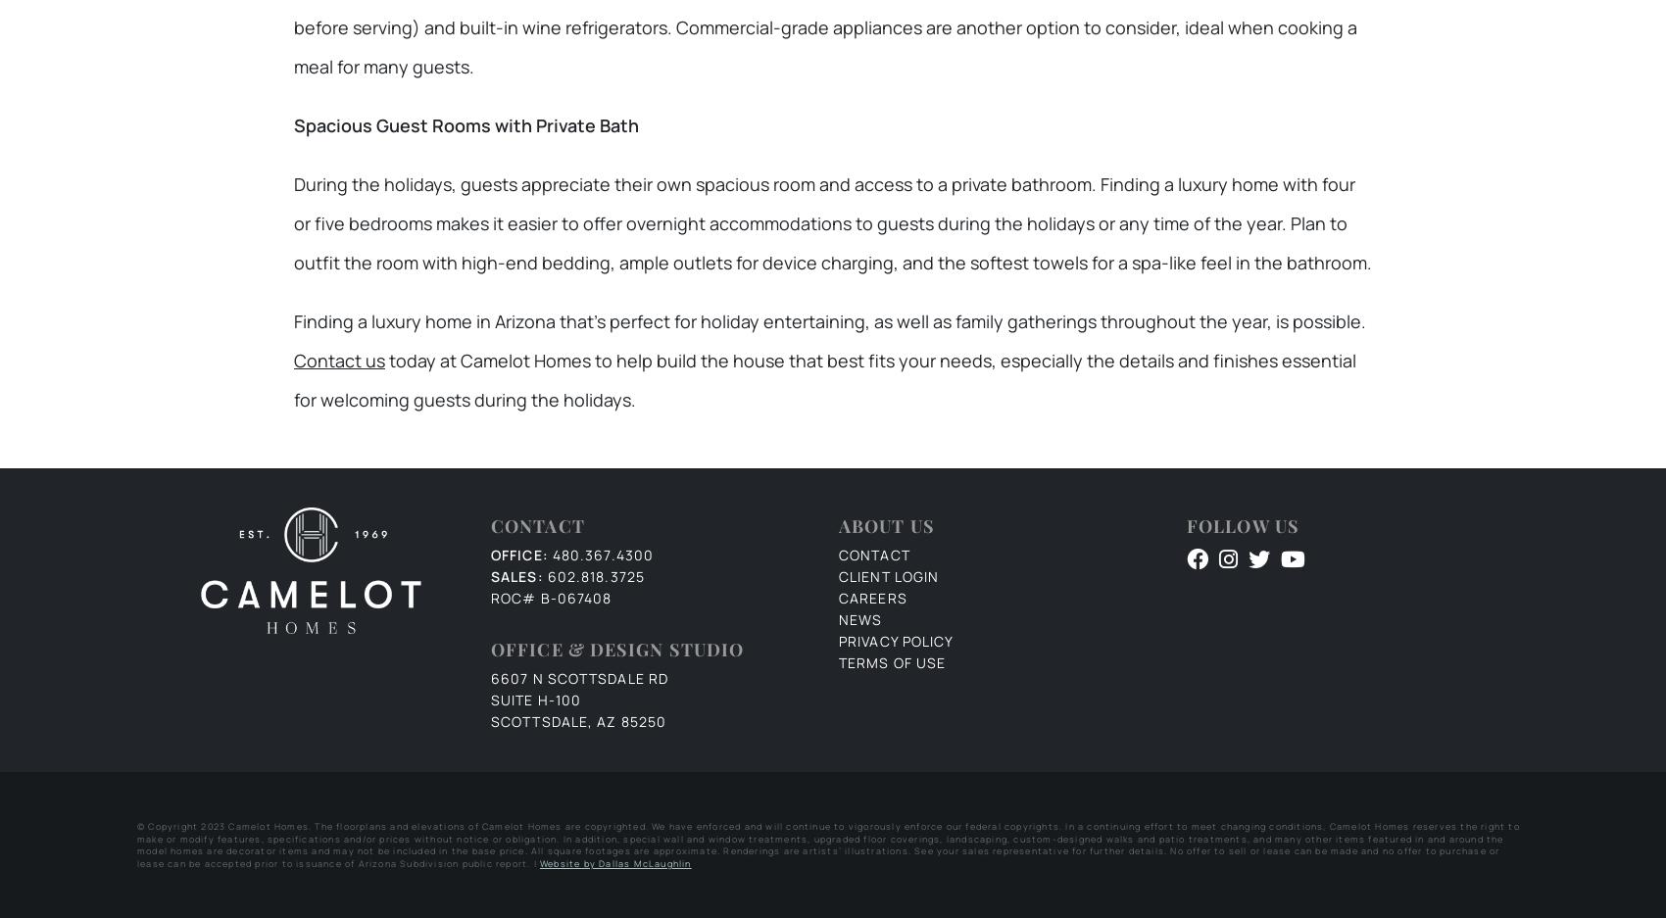 This screenshot has height=918, width=1666. I want to click on 'today at Camelot Homes to help build the house that best fits your needs, especially the details and finishes essential for welcoming guests during the holidays.', so click(294, 379).